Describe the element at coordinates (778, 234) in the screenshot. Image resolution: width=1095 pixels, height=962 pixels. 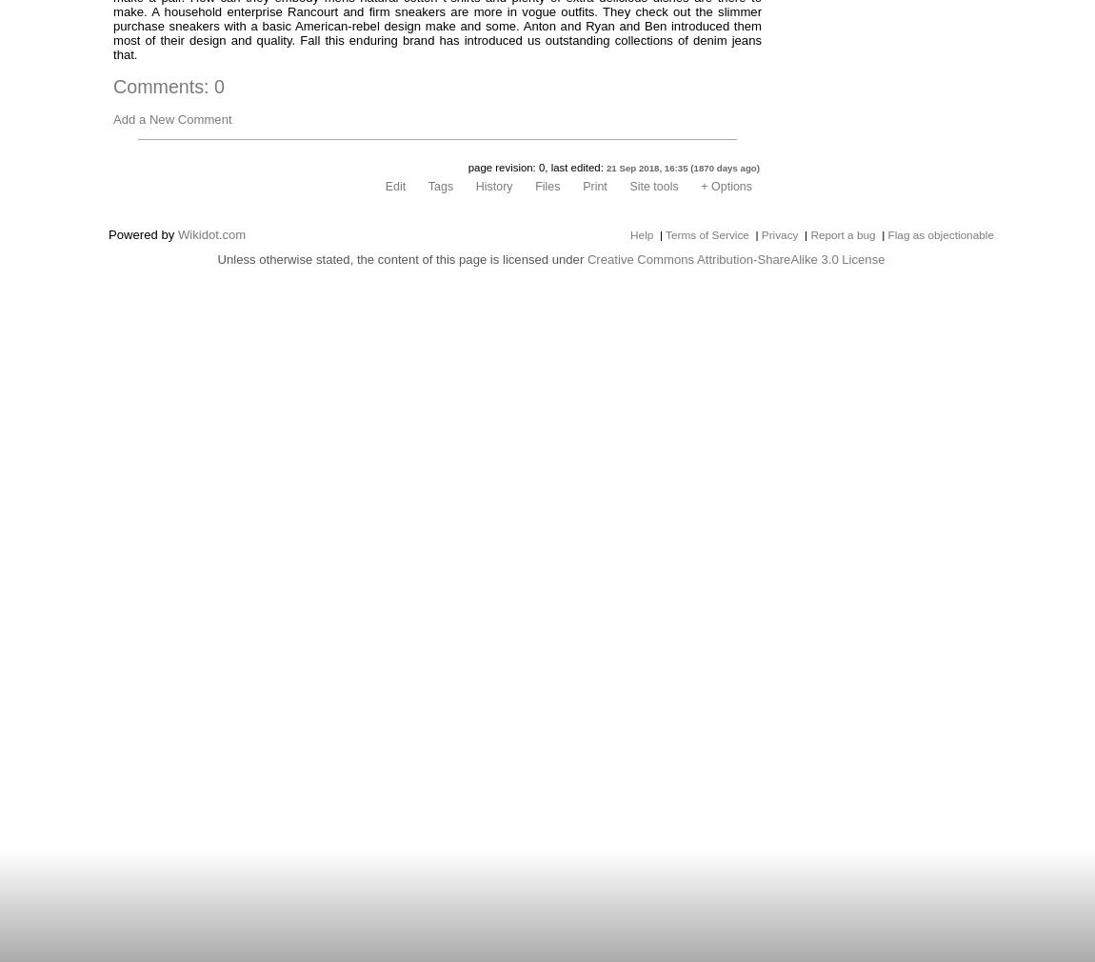
I see `'Privacy'` at that location.